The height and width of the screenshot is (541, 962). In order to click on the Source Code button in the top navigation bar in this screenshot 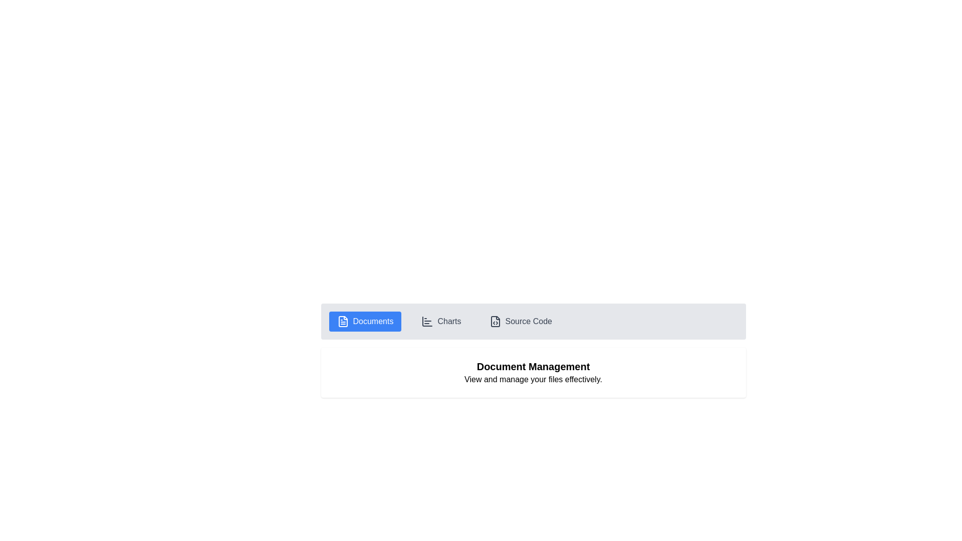, I will do `click(495, 321)`.